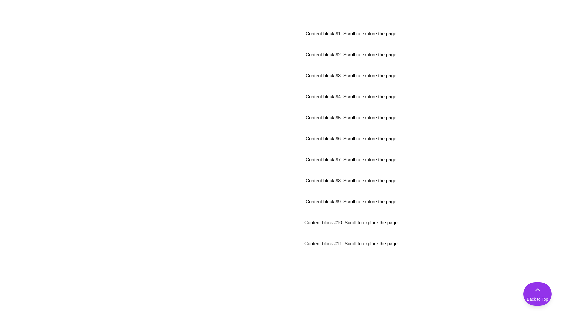  What do you see at coordinates (353, 55) in the screenshot?
I see `the second text block, which provides guidance or information about scrolling through the content` at bounding box center [353, 55].